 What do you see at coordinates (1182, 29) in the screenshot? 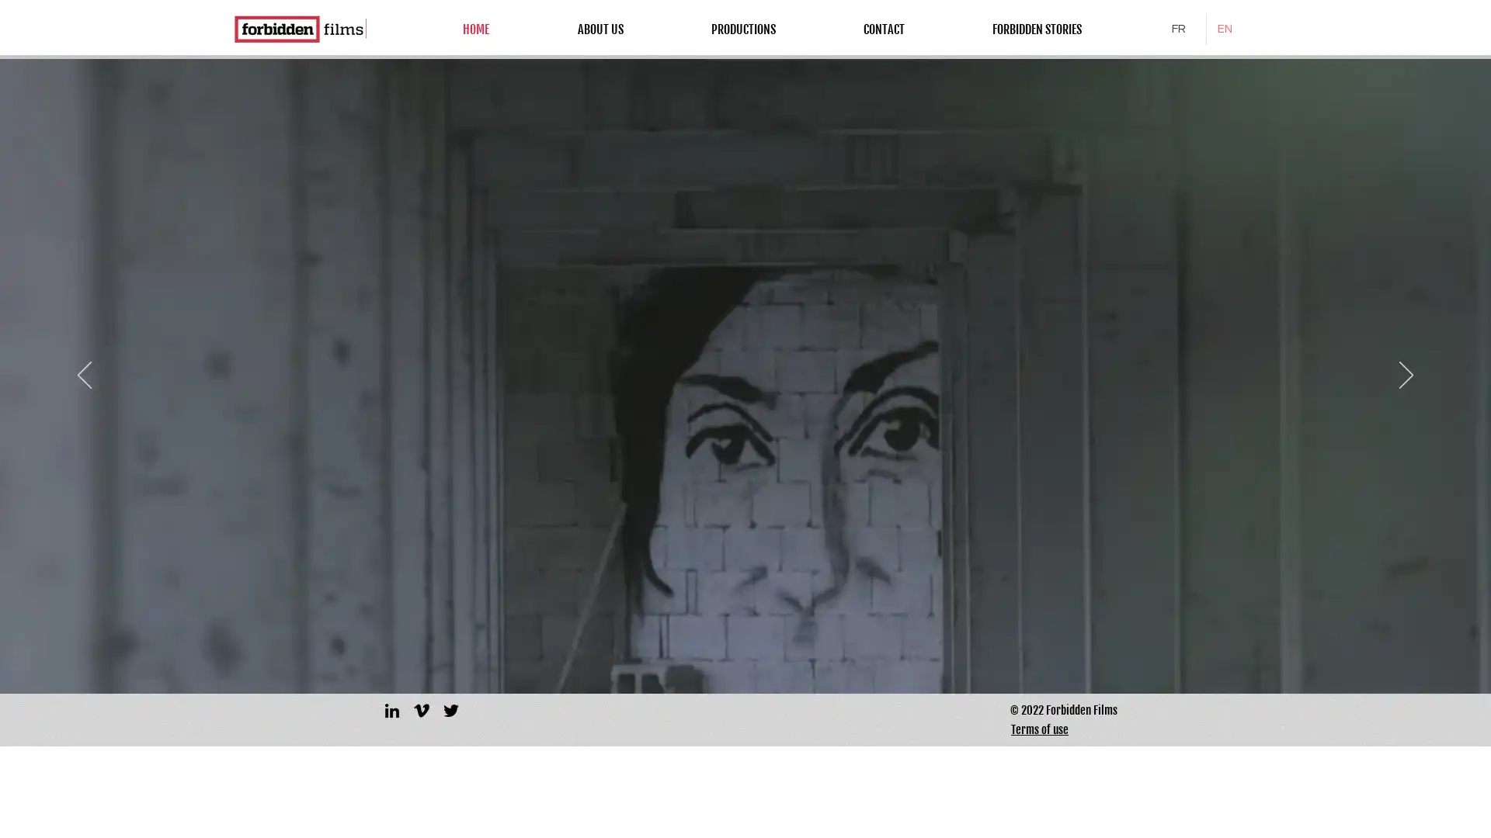
I see `French` at bounding box center [1182, 29].